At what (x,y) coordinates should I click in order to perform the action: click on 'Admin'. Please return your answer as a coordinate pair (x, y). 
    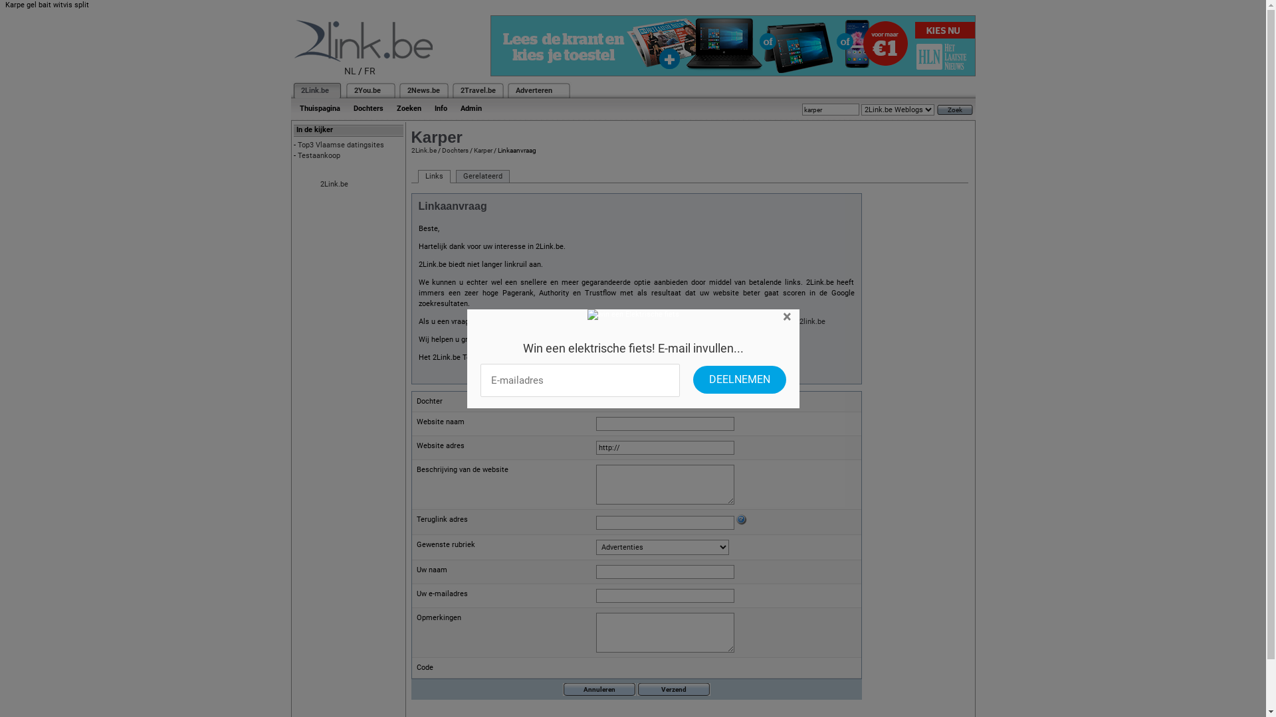
    Looking at the image, I should click on (471, 108).